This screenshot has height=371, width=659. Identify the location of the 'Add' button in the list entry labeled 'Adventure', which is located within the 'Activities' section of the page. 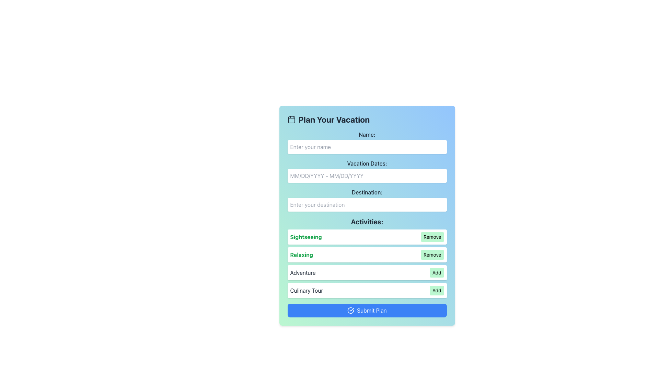
(367, 272).